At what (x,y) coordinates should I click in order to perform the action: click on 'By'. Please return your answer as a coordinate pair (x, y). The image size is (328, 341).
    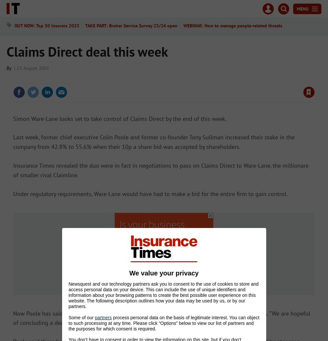
    Looking at the image, I should click on (10, 68).